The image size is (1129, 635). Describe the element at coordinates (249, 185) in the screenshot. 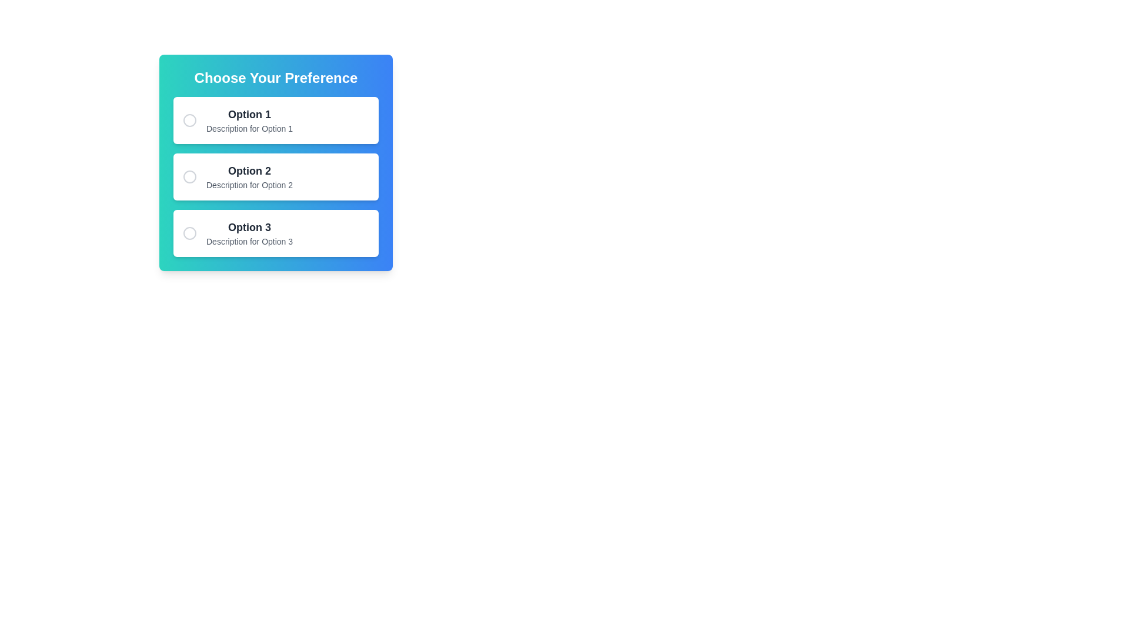

I see `the informational Text Label that provides details about 'Option 2', located directly below the 'Option 2' label` at that location.